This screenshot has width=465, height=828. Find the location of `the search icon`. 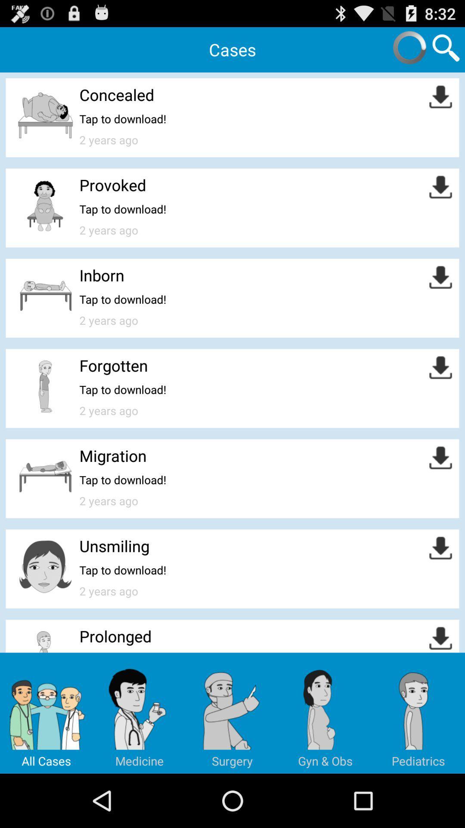

the search icon is located at coordinates (446, 50).